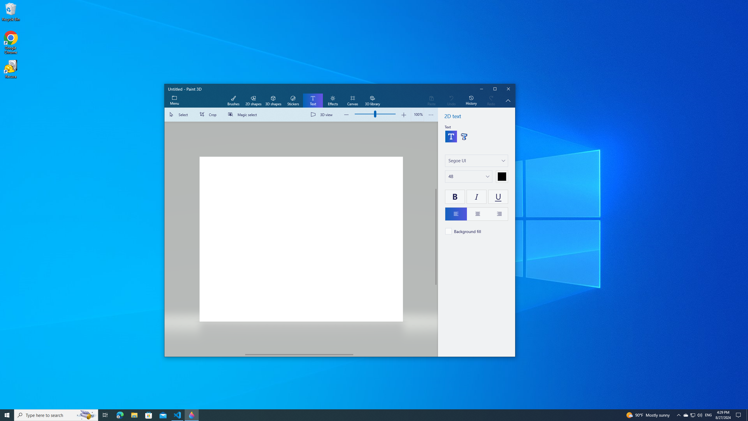 This screenshot has width=748, height=421. What do you see at coordinates (372, 101) in the screenshot?
I see `'3D library'` at bounding box center [372, 101].